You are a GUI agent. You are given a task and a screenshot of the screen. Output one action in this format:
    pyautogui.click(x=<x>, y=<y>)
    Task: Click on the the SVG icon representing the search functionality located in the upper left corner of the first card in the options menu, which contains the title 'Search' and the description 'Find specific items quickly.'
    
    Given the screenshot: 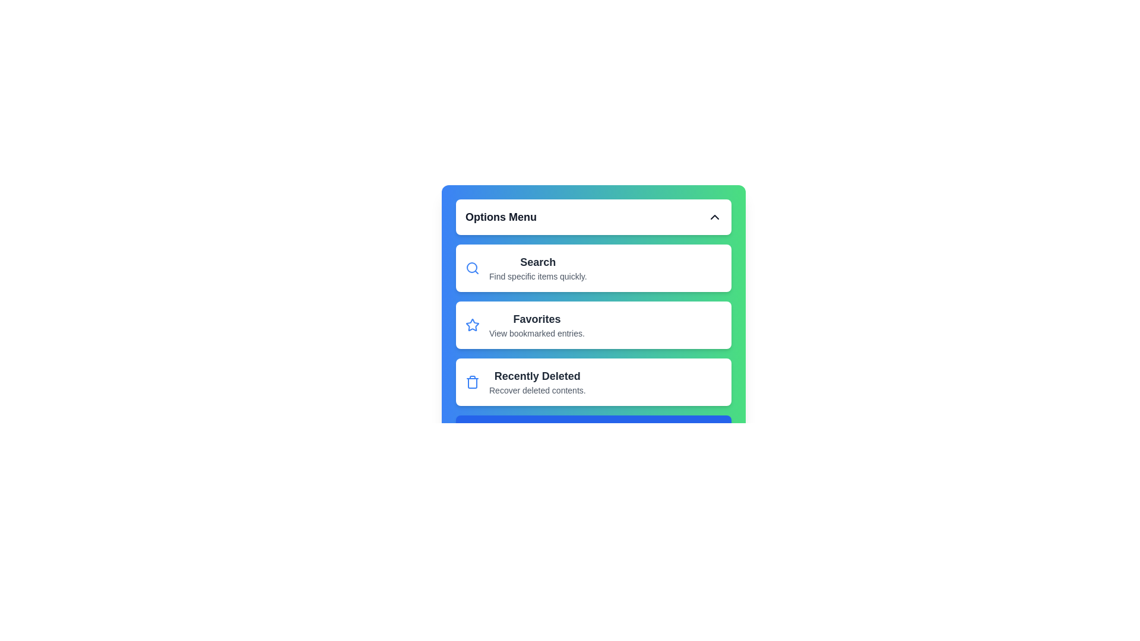 What is the action you would take?
    pyautogui.click(x=472, y=268)
    